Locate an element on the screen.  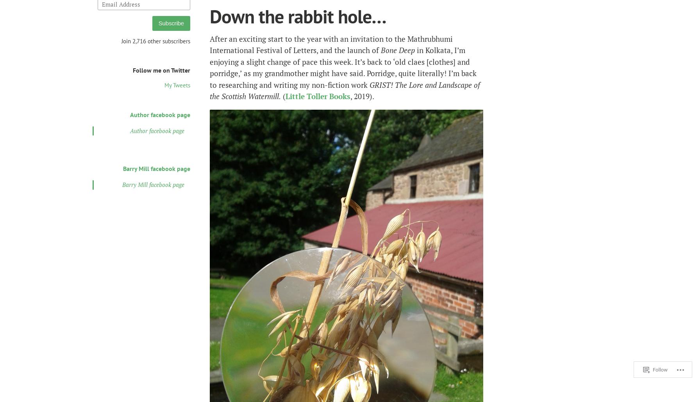
'Little Toller Books' is located at coordinates (318, 96).